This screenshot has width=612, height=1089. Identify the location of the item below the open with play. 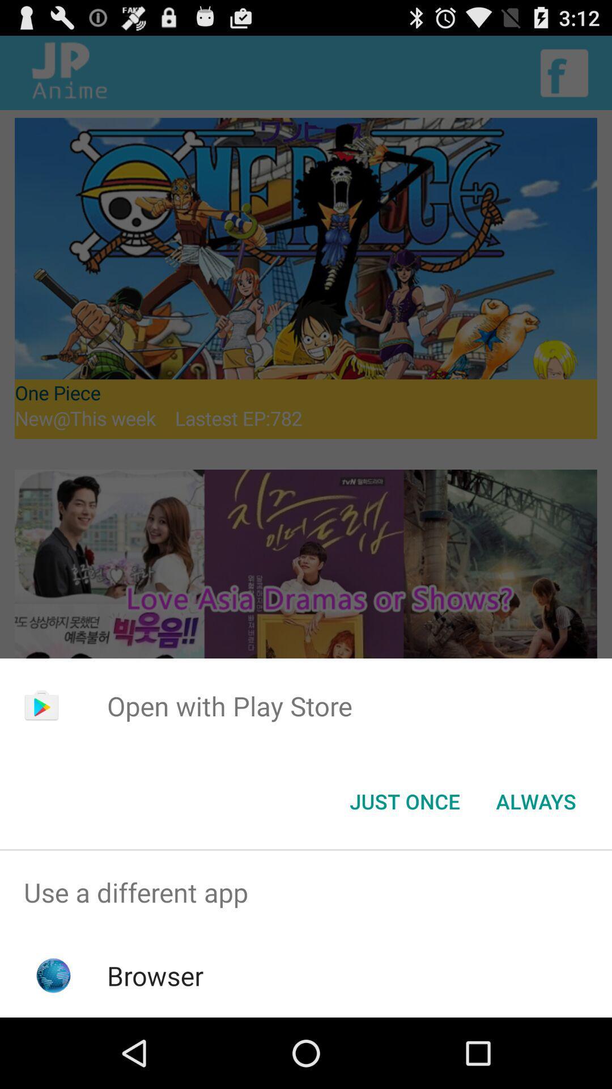
(404, 800).